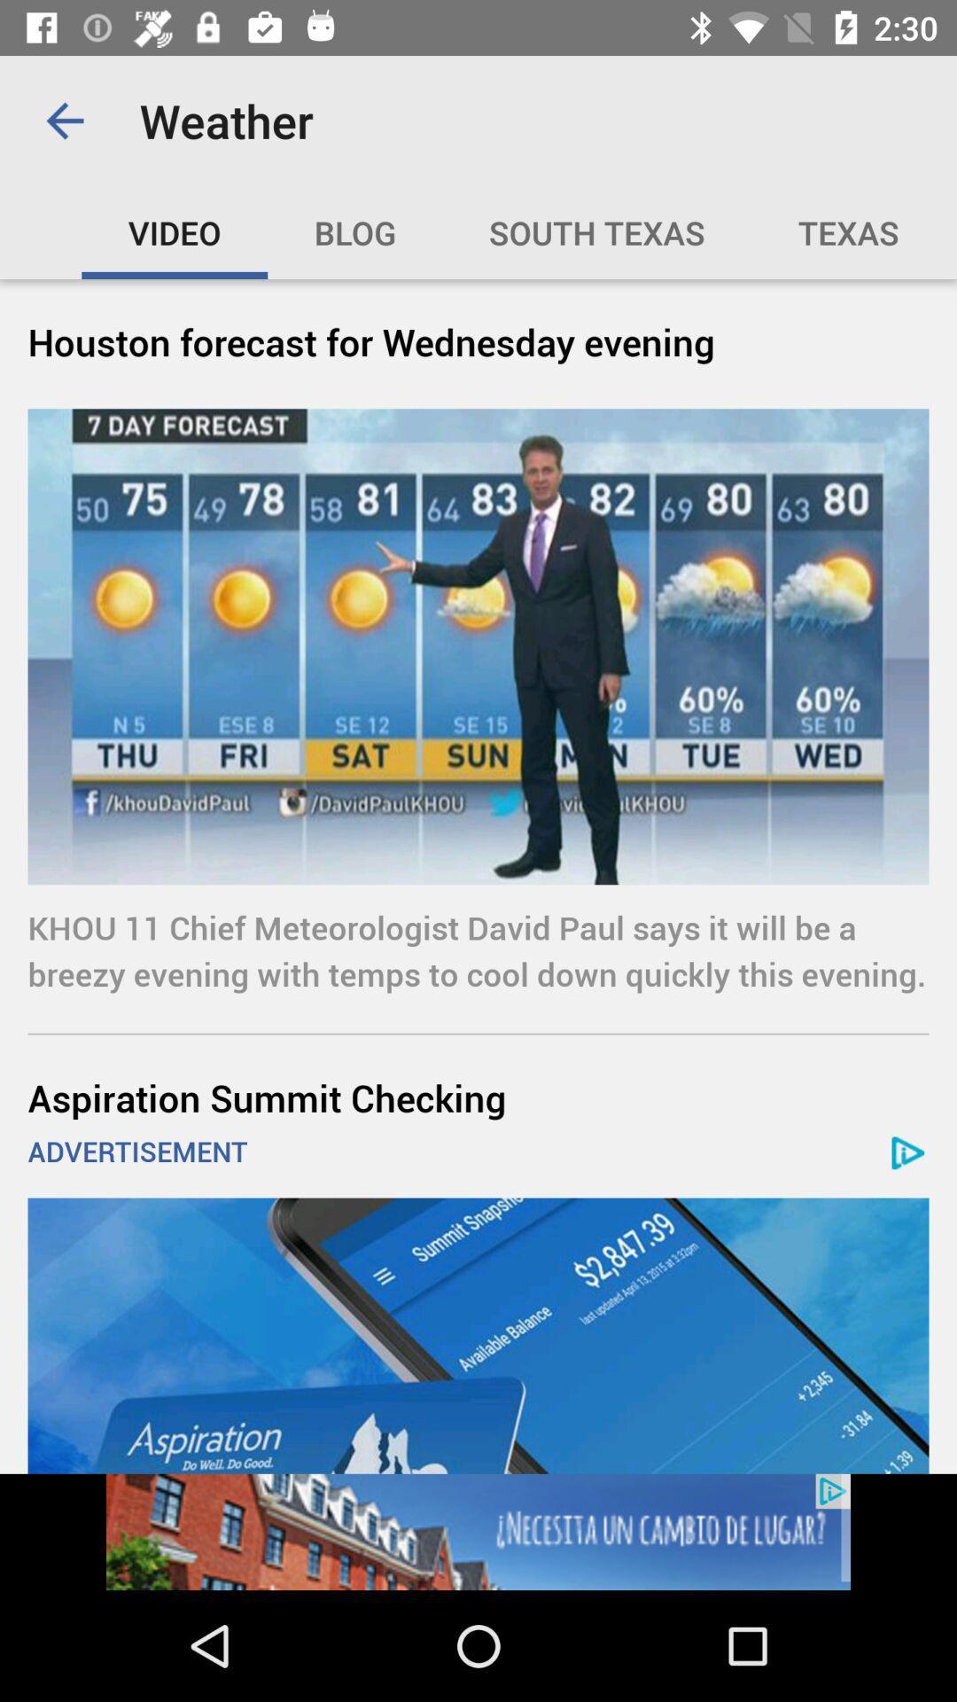 The height and width of the screenshot is (1702, 957). Describe the element at coordinates (478, 1531) in the screenshot. I see `selected advertisement` at that location.